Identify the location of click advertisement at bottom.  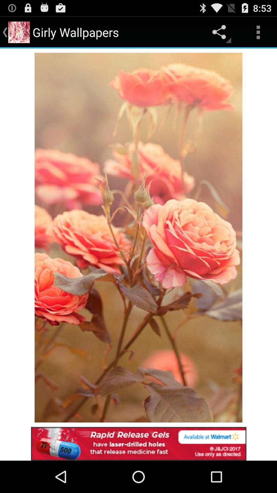
(138, 443).